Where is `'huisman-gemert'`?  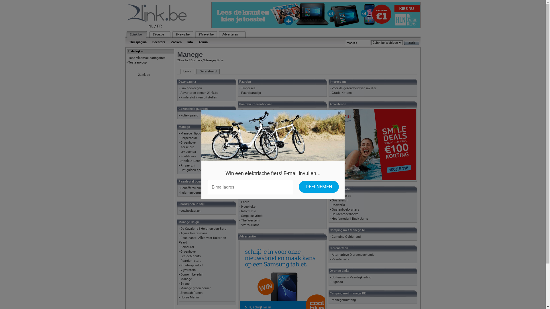 'huisman-gemert' is located at coordinates (192, 193).